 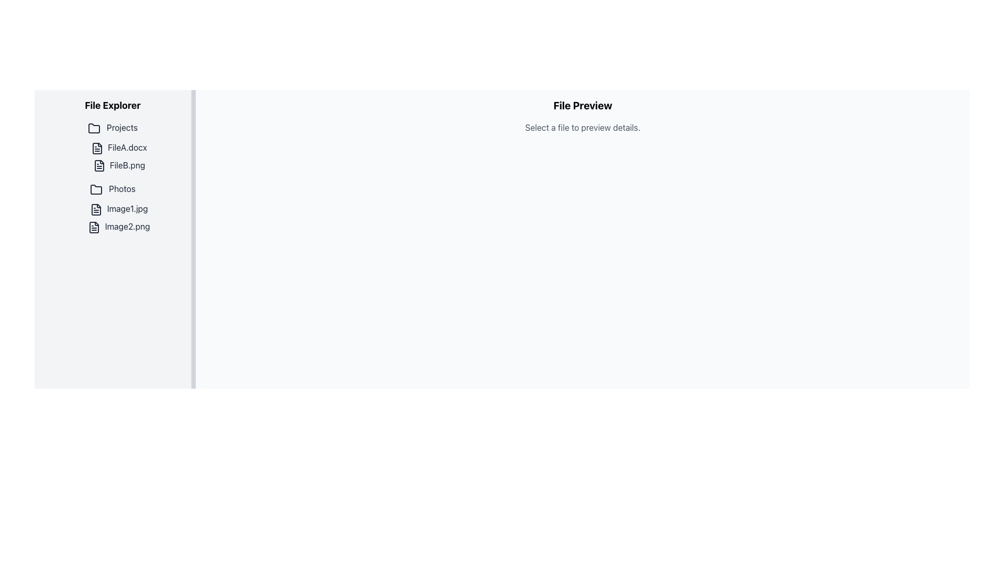 I want to click on the text link labeled 'Image2.png' to change its color to blue, indicating interactivity, so click(x=119, y=226).